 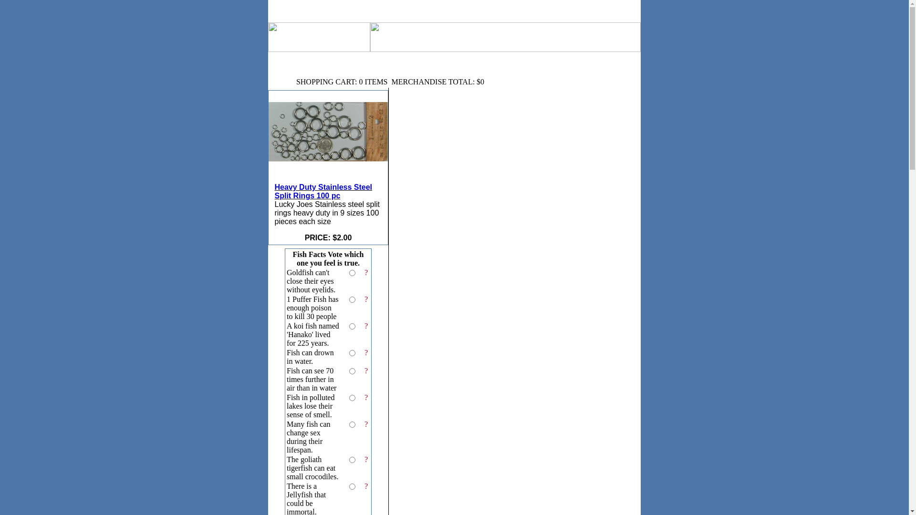 What do you see at coordinates (328, 143) in the screenshot?
I see `'Heavy Duty Stainless Steel Split Rings 100 pc'` at bounding box center [328, 143].